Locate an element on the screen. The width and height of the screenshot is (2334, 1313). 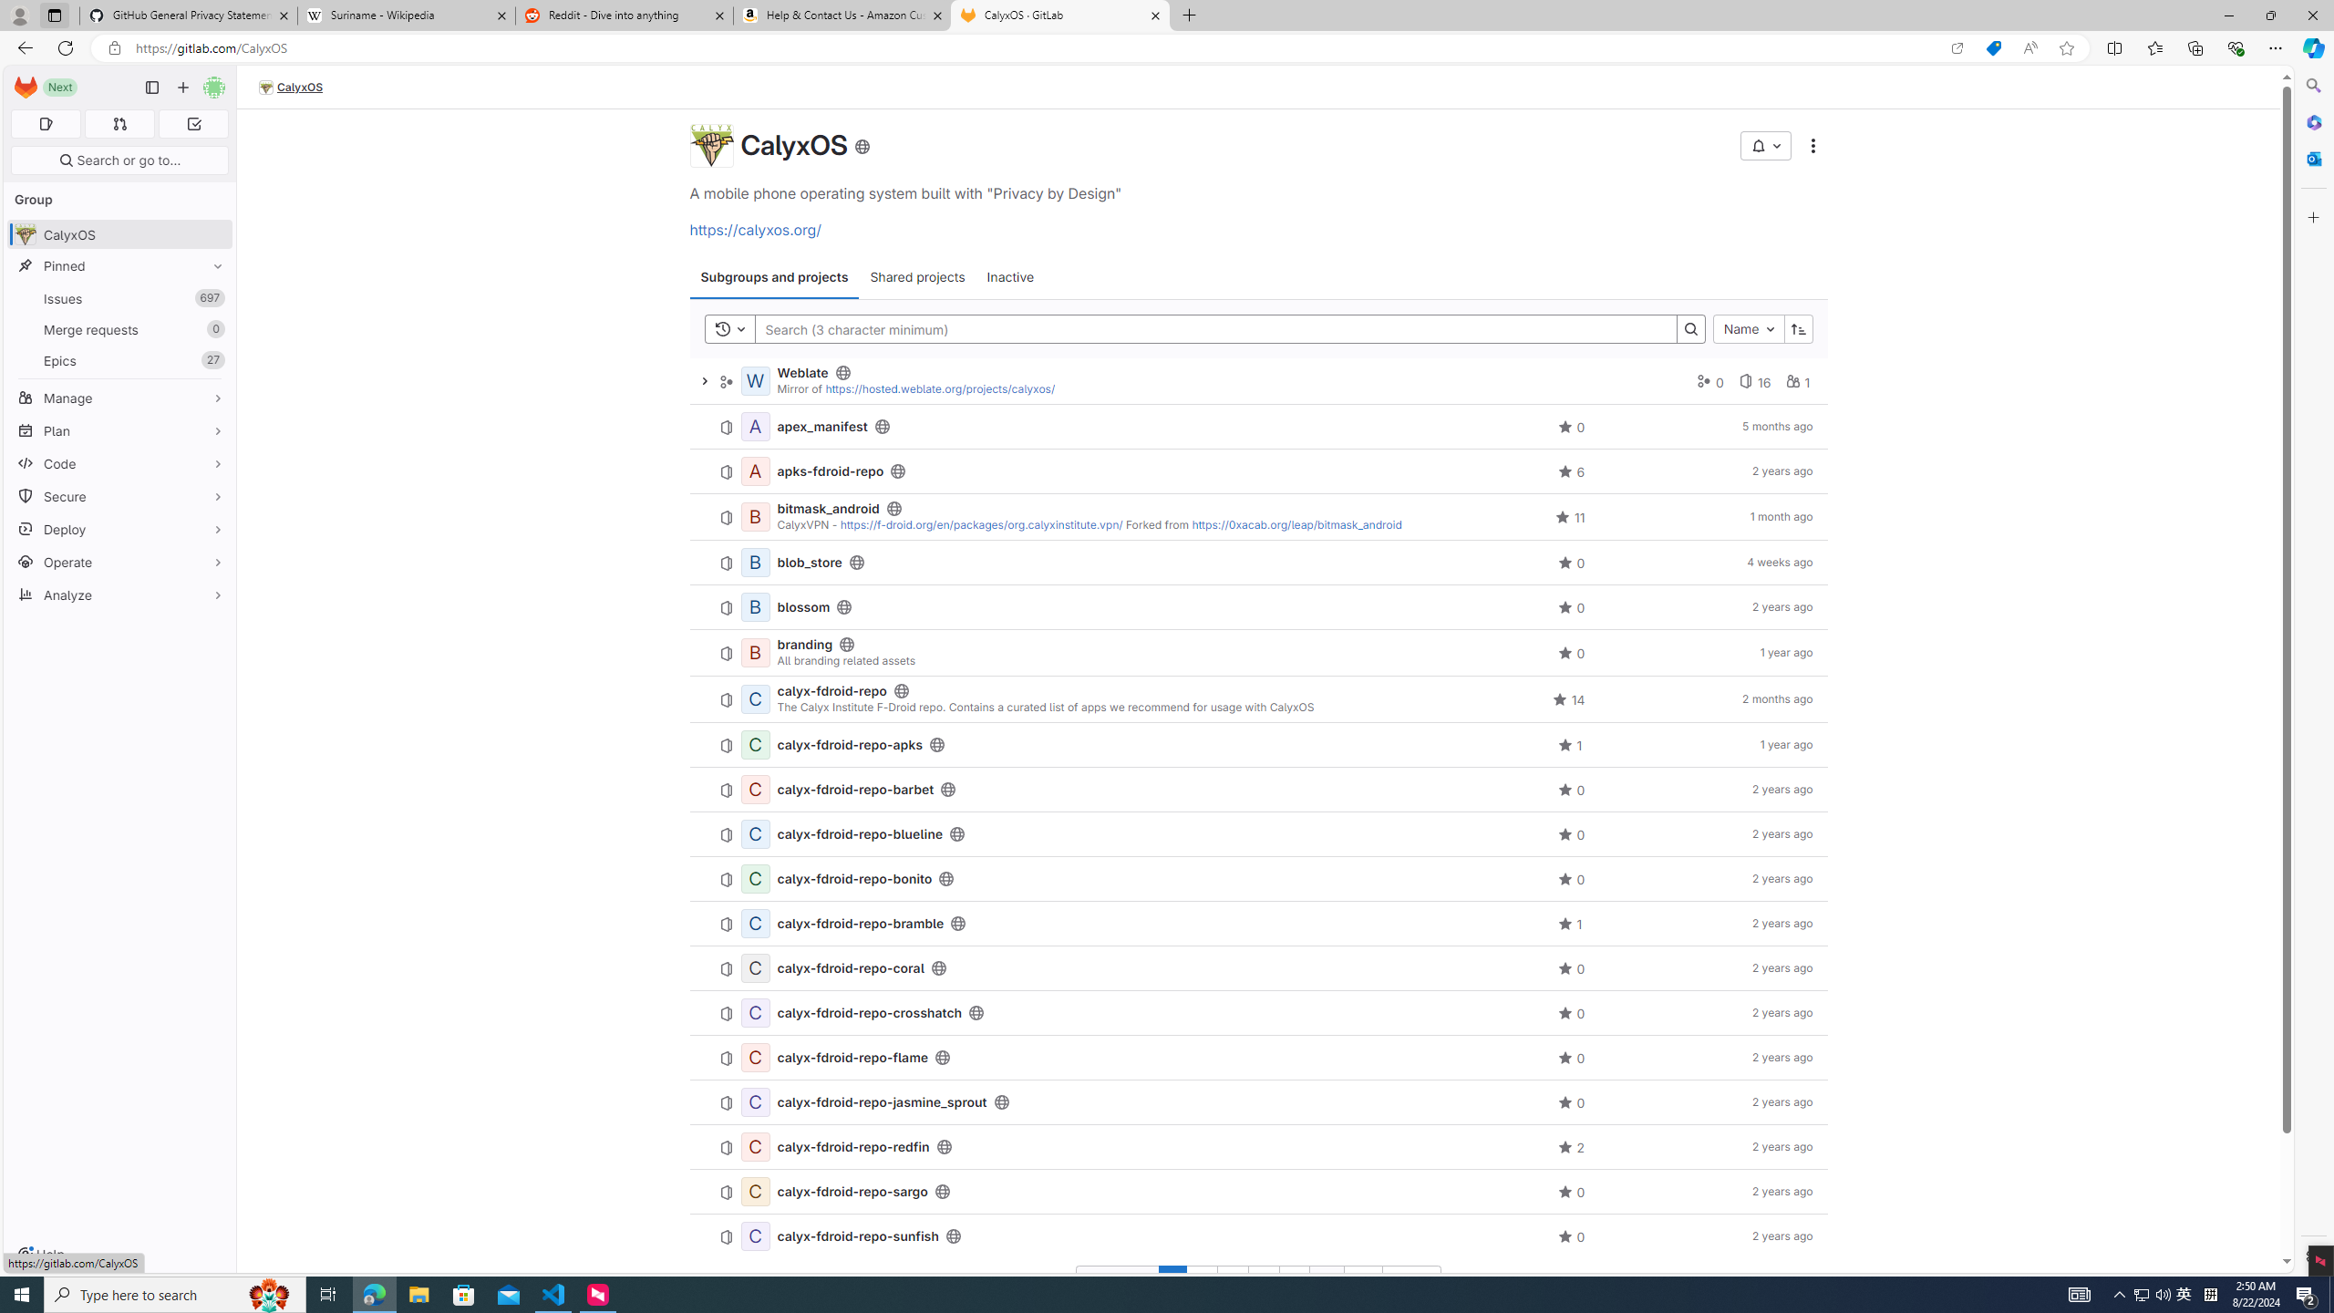
'Primary navigation sidebar' is located at coordinates (151, 87).